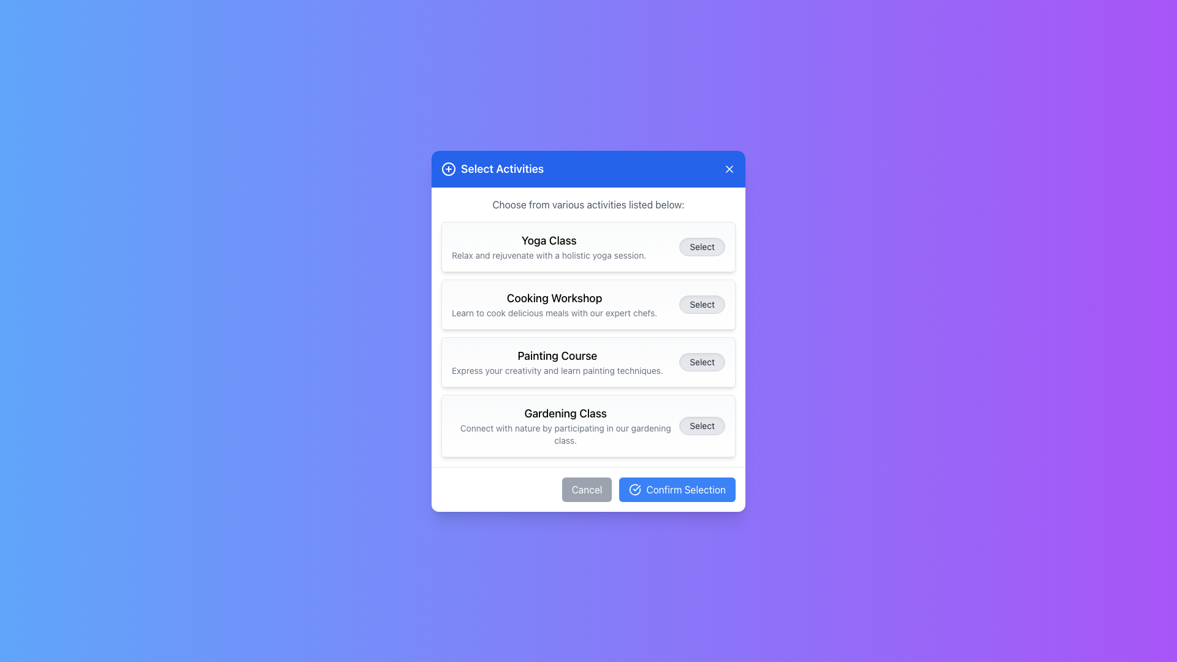  Describe the element at coordinates (729, 168) in the screenshot. I see `the 'X' shaped icon button with a white color on a blue background located at the far right end of the top bar labeled 'Select Activities'` at that location.